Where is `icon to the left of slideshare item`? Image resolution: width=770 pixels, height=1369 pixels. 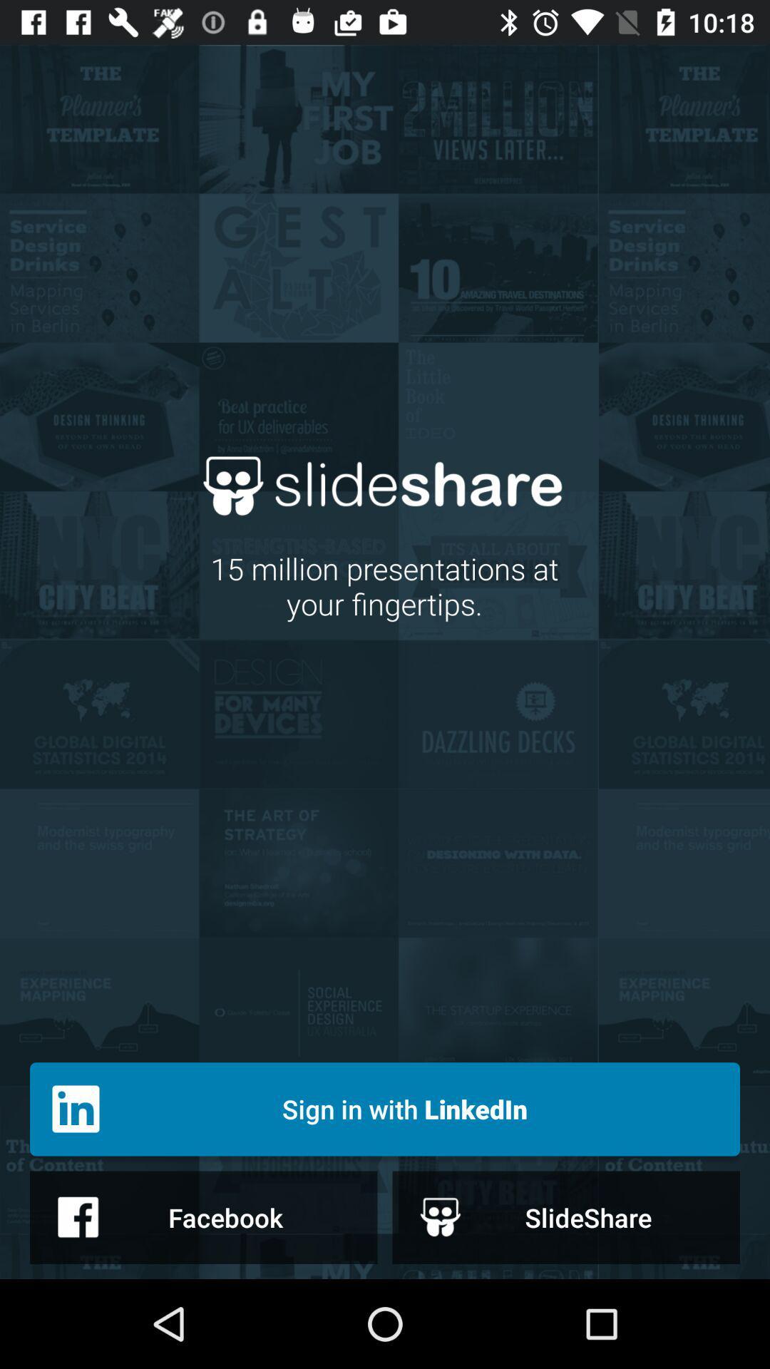 icon to the left of slideshare item is located at coordinates (203, 1216).